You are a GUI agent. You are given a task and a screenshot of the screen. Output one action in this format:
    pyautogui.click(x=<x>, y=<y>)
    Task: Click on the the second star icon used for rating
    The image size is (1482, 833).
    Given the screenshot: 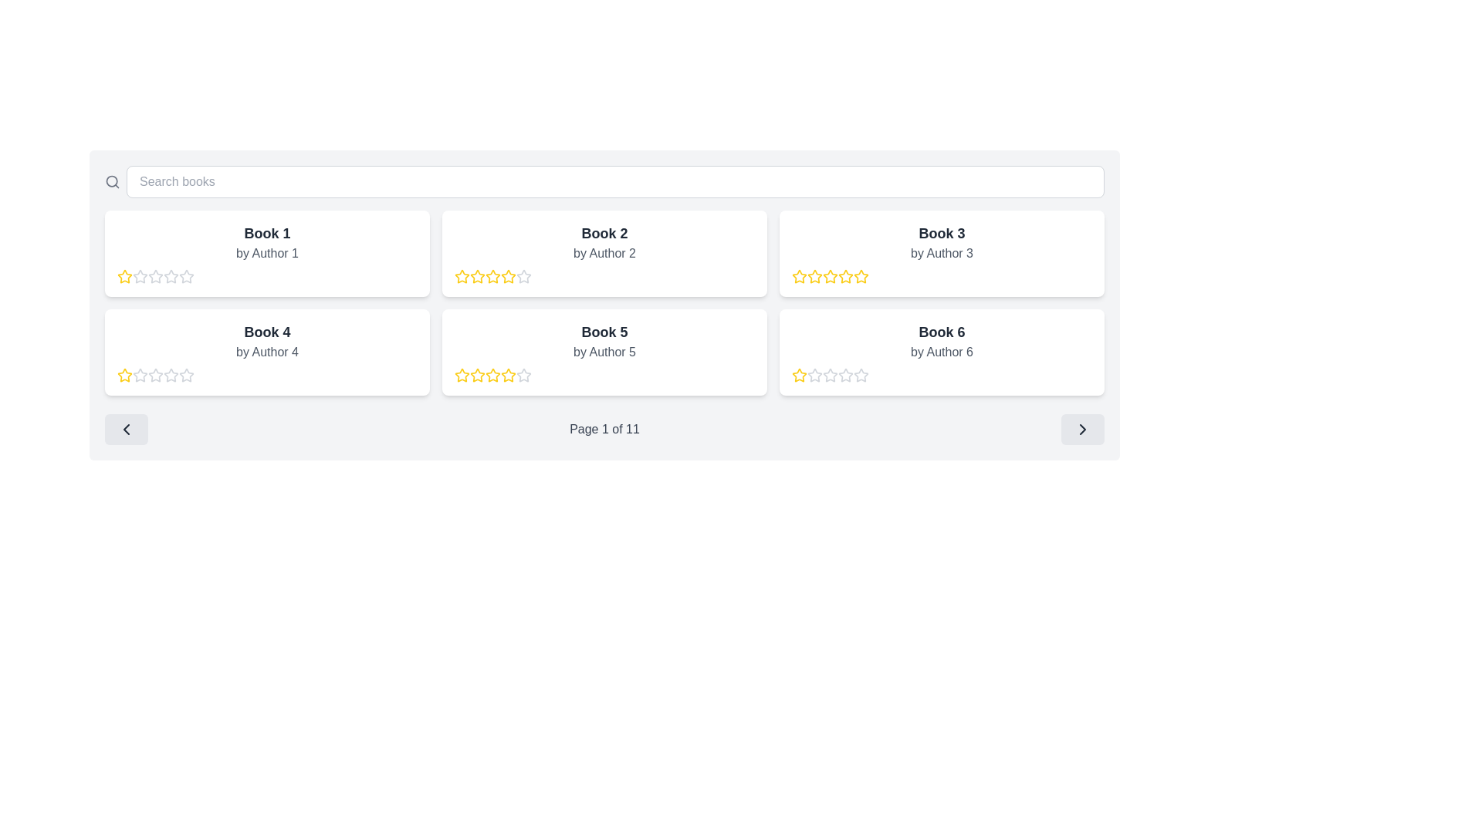 What is the action you would take?
    pyautogui.click(x=155, y=375)
    